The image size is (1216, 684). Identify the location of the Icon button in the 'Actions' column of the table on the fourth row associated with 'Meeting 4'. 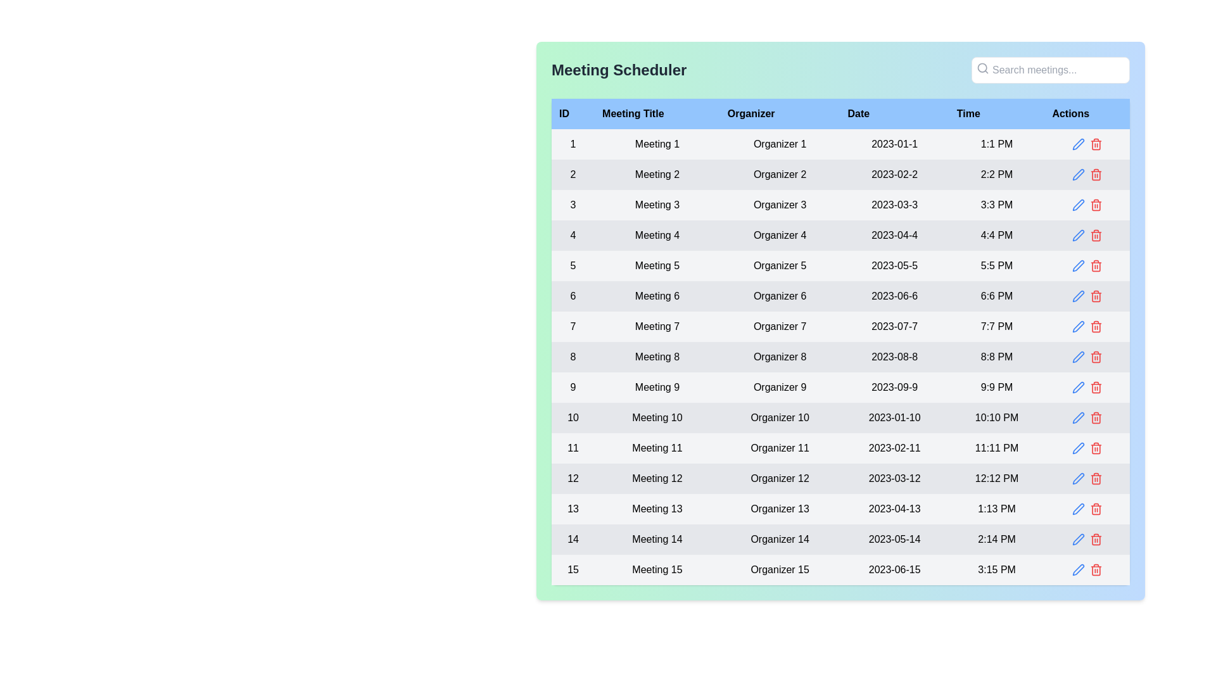
(1077, 235).